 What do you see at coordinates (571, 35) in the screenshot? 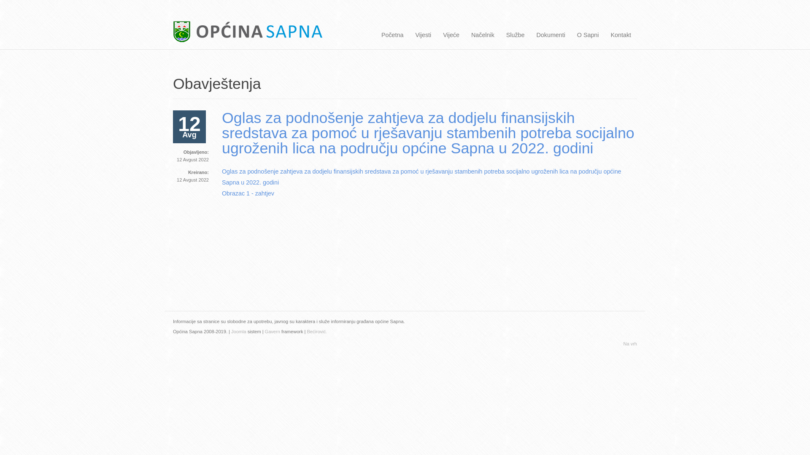
I see `'O Sapni'` at bounding box center [571, 35].